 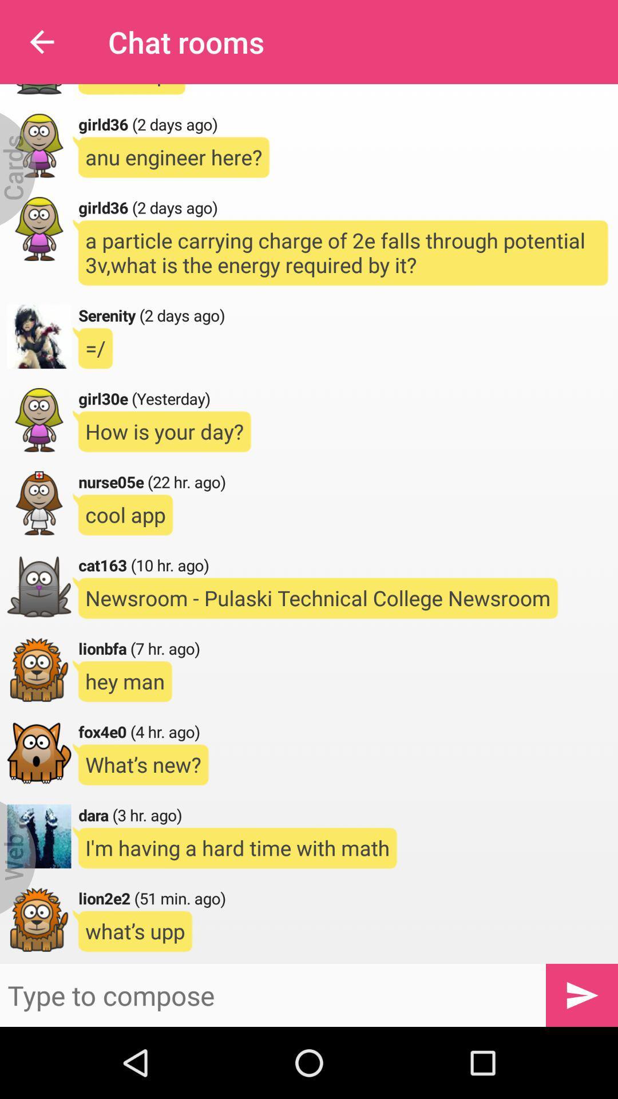 I want to click on the menu icon, so click(x=18, y=168).